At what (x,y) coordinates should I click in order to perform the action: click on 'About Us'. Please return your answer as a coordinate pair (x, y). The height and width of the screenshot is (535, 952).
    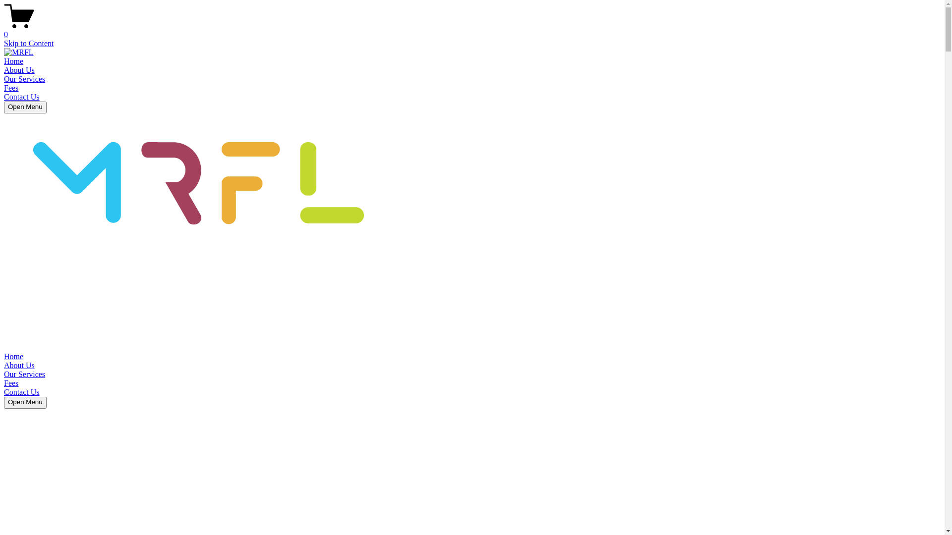
    Looking at the image, I should click on (19, 69).